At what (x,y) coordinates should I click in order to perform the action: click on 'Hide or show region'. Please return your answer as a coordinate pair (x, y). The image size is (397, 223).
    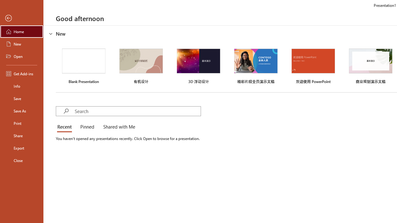
    Looking at the image, I should click on (51, 34).